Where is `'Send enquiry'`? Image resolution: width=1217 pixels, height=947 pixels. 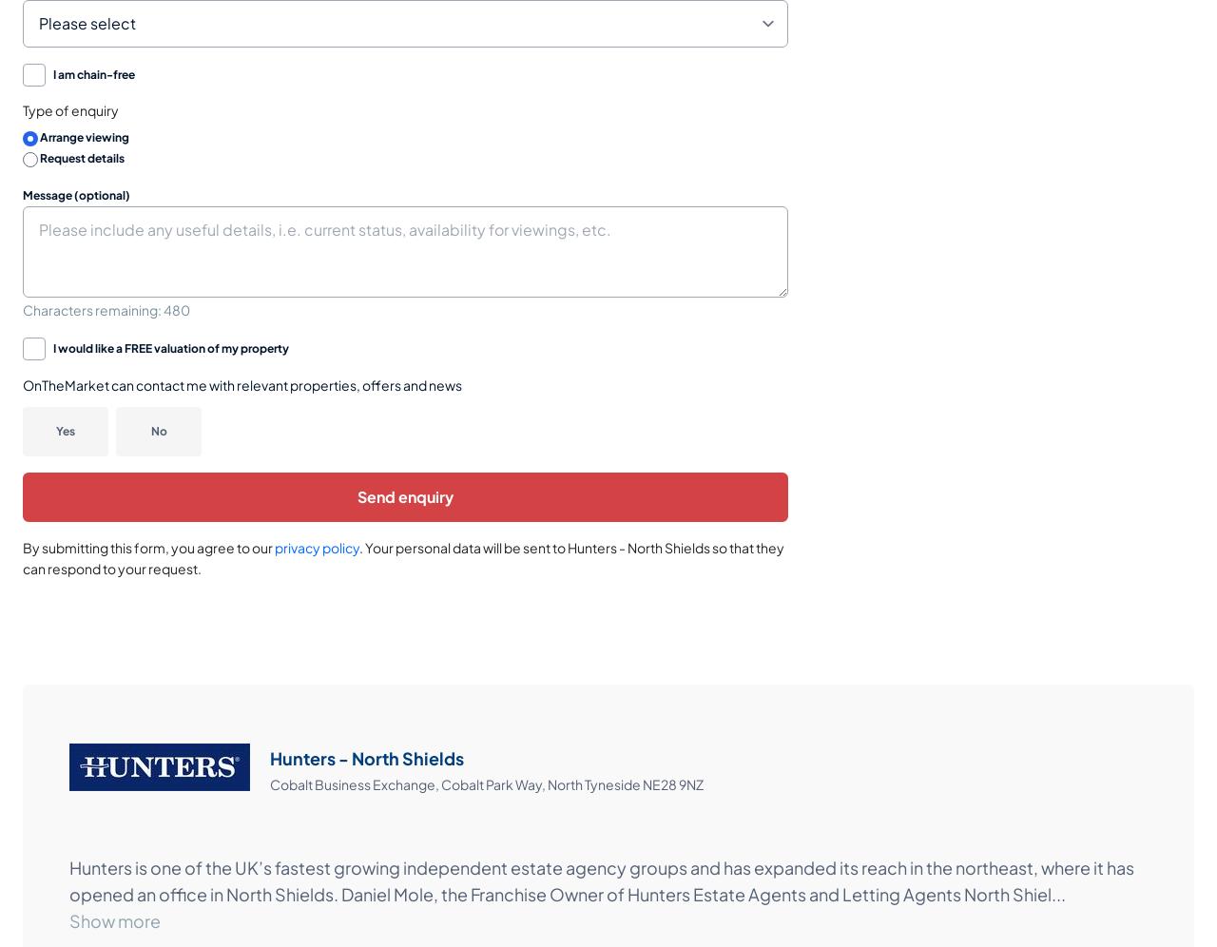 'Send enquiry' is located at coordinates (404, 495).